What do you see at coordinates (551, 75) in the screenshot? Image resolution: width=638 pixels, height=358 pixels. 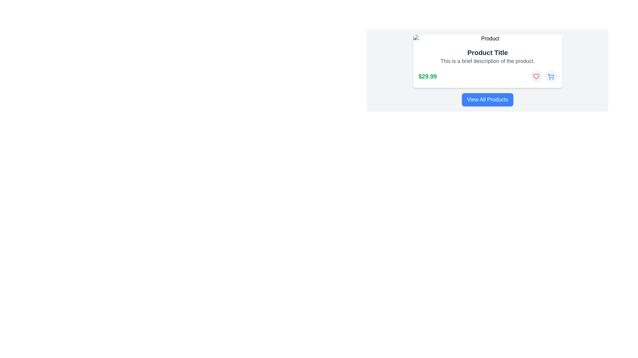 I see `the shopping cart icon element, which represents the main body of the cart with a triangular base and curved handle, located at the top-right of the card` at bounding box center [551, 75].